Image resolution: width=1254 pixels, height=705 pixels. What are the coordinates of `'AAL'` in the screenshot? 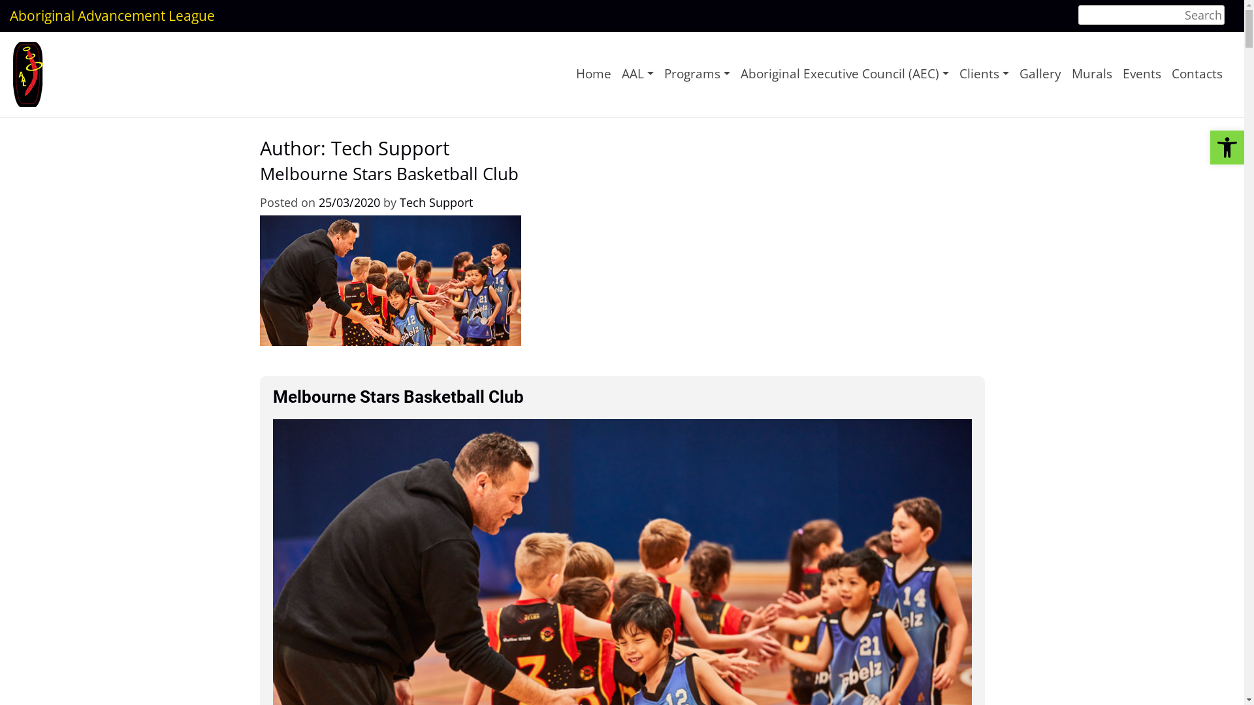 It's located at (637, 74).